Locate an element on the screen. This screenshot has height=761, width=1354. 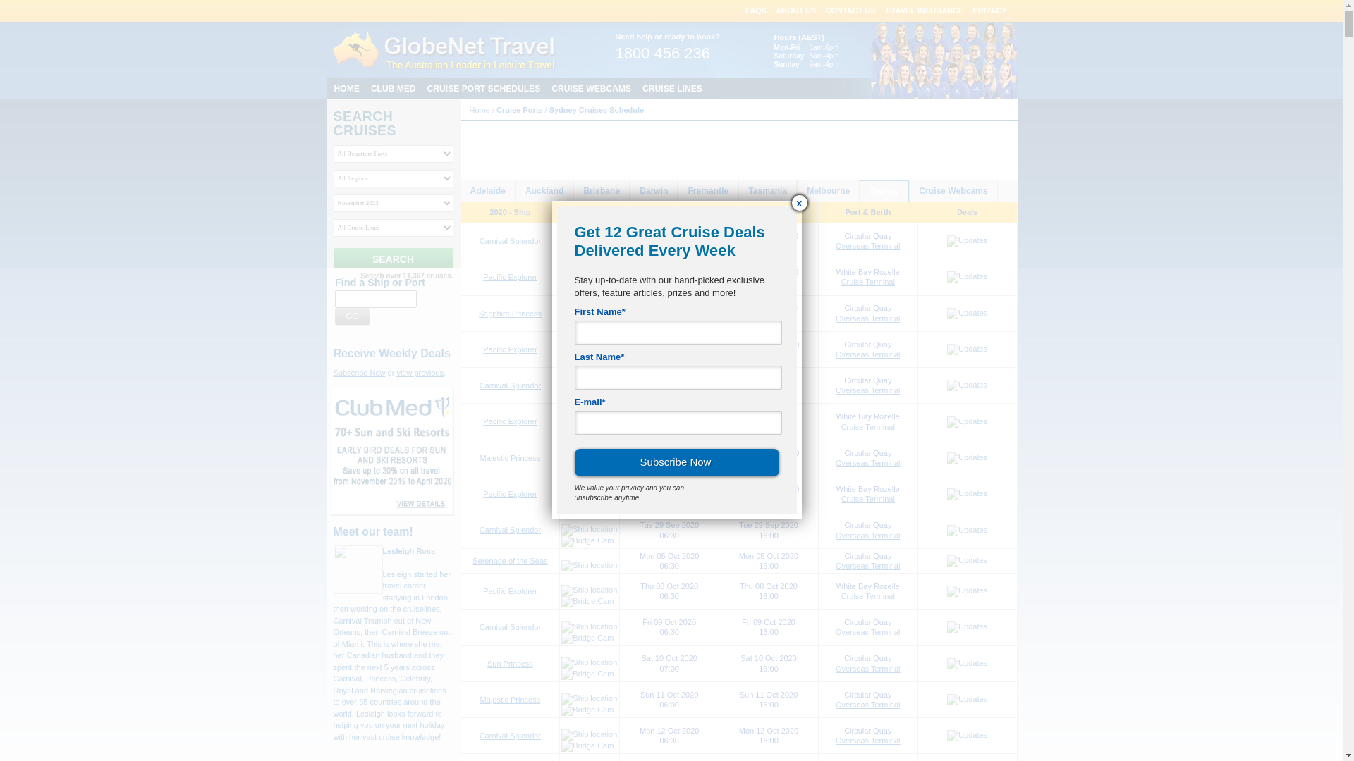
'Bridge Cam' is located at coordinates (587, 638).